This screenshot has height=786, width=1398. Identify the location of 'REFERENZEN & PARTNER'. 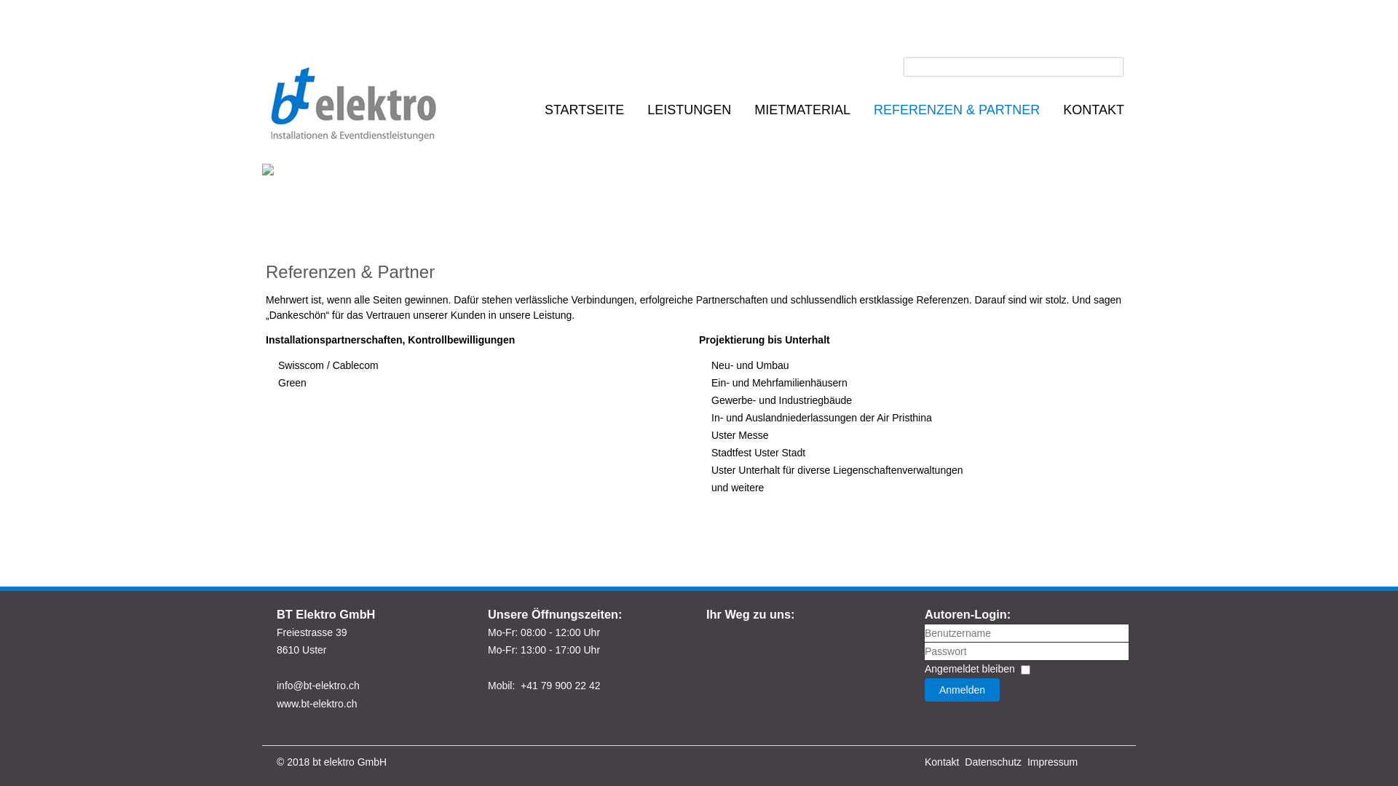
(870, 108).